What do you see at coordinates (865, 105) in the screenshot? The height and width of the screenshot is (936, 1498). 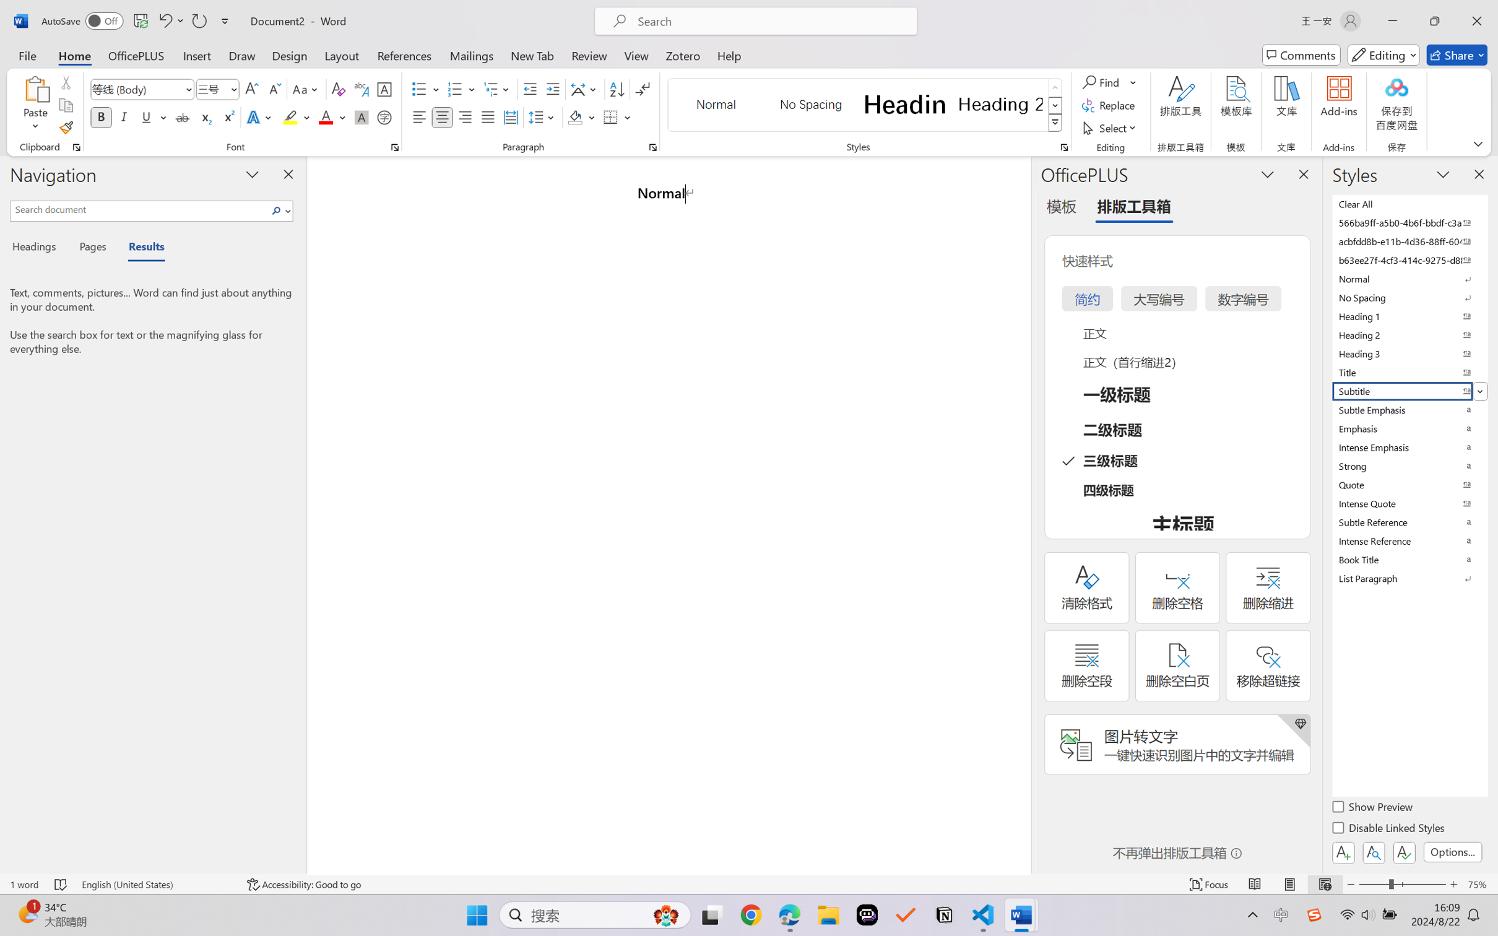 I see `'AutomationID: QuickStylesGallery'` at bounding box center [865, 105].